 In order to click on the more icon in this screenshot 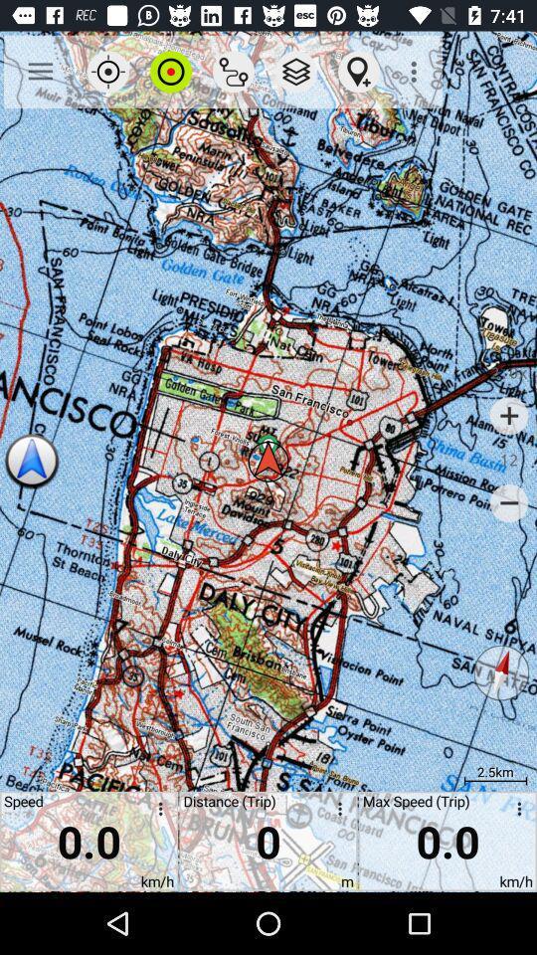, I will do `click(156, 812)`.